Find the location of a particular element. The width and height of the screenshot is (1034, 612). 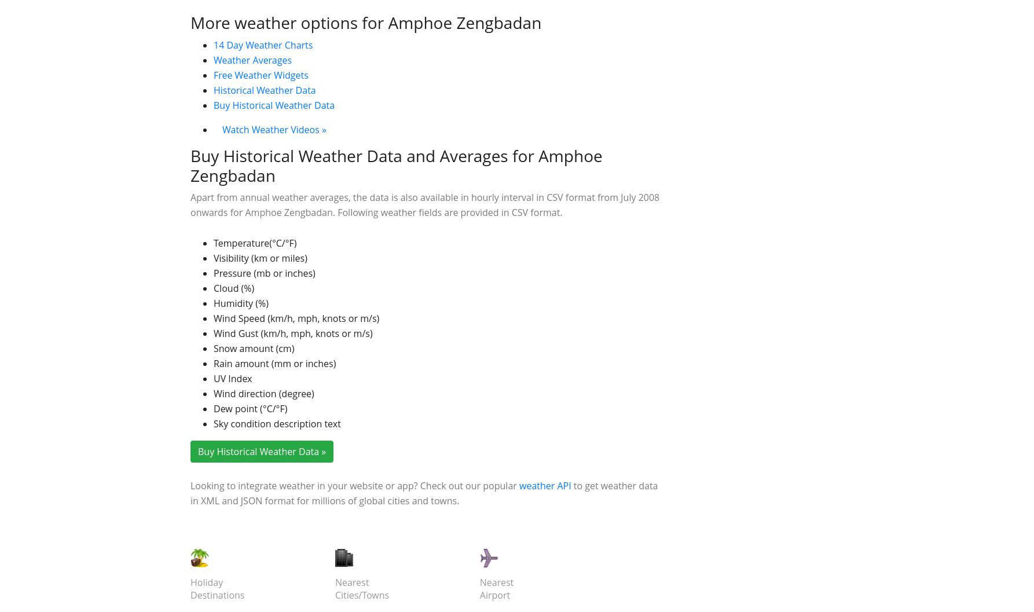

'Wind Speed (km/h, mph, knots or m/s)' is located at coordinates (296, 489).